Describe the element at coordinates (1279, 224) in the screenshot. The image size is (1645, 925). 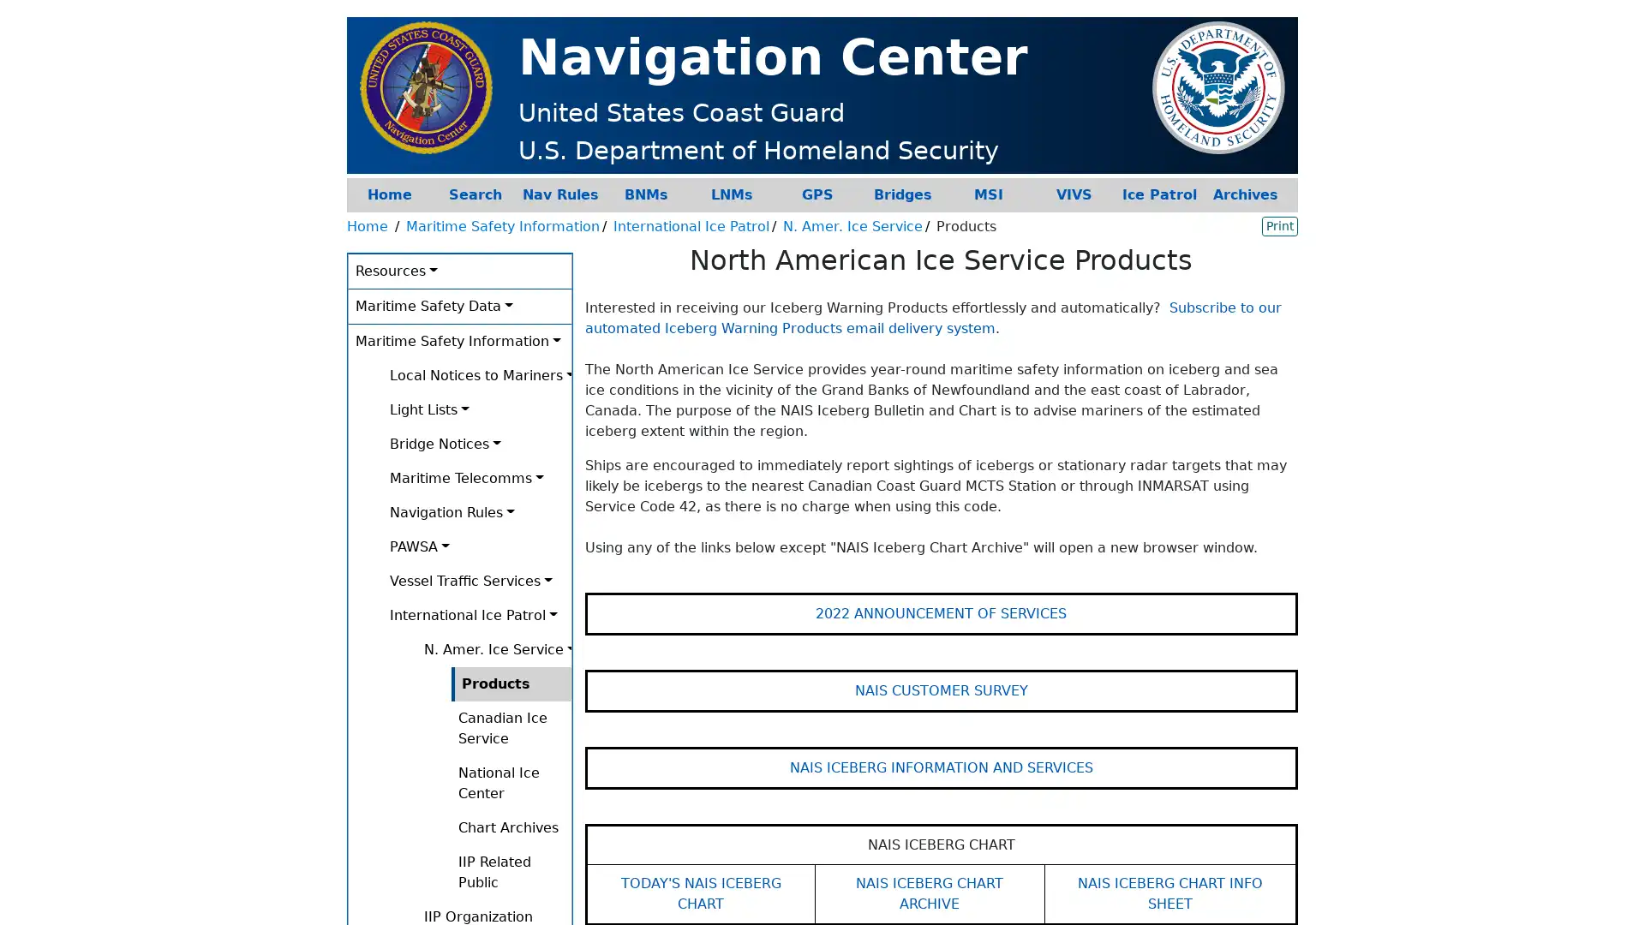
I see `Print` at that location.